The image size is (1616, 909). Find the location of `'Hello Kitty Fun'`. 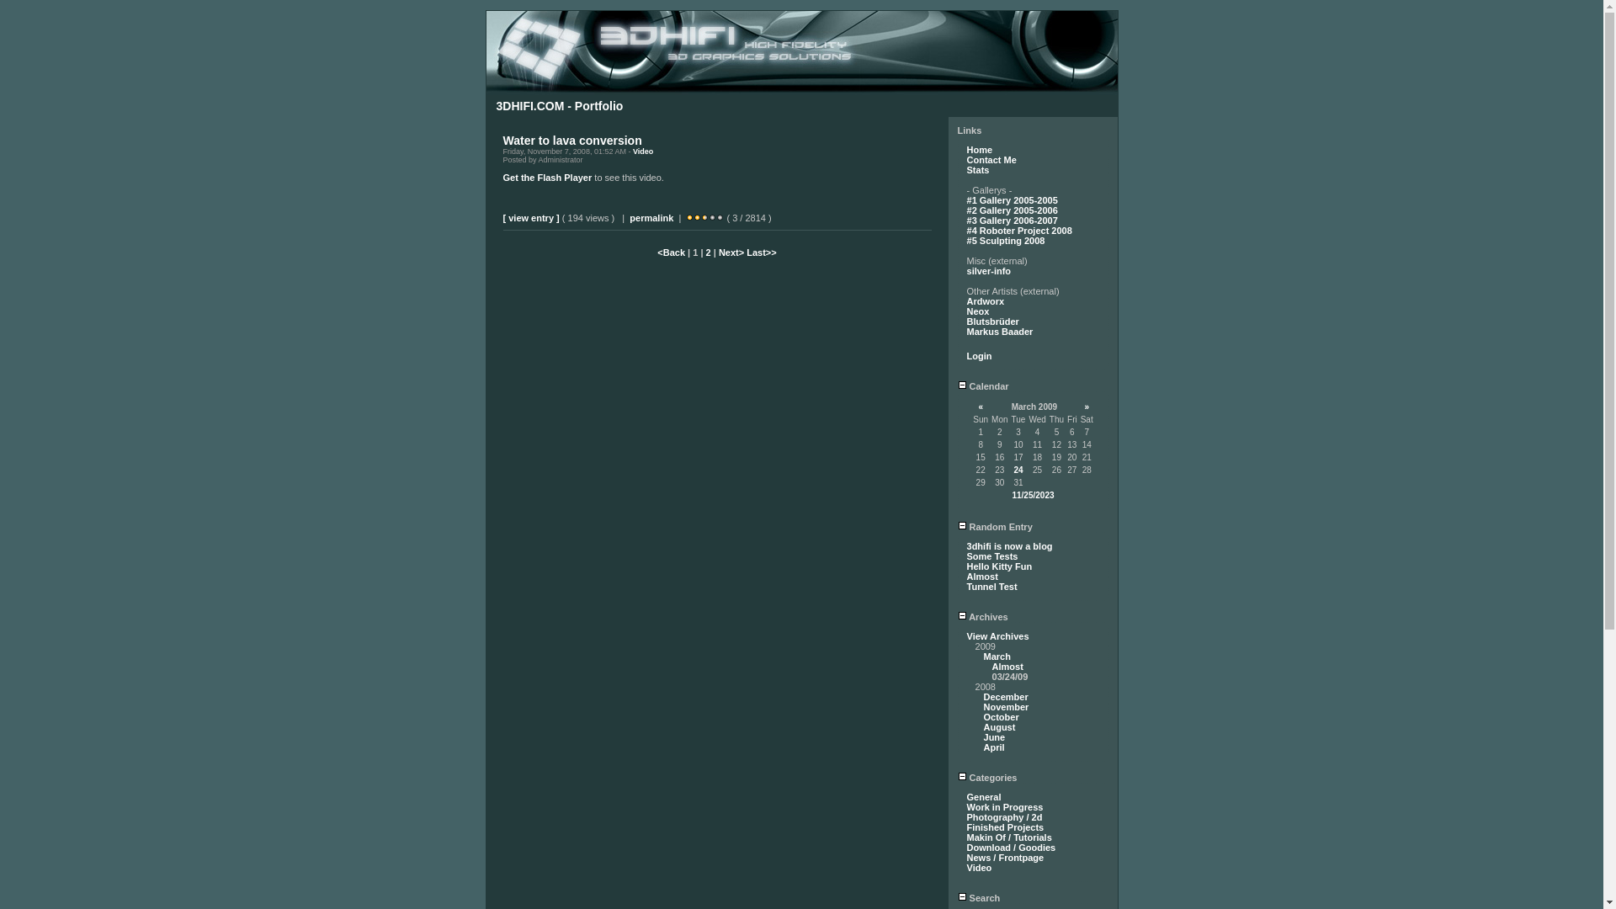

'Hello Kitty Fun' is located at coordinates (966, 566).